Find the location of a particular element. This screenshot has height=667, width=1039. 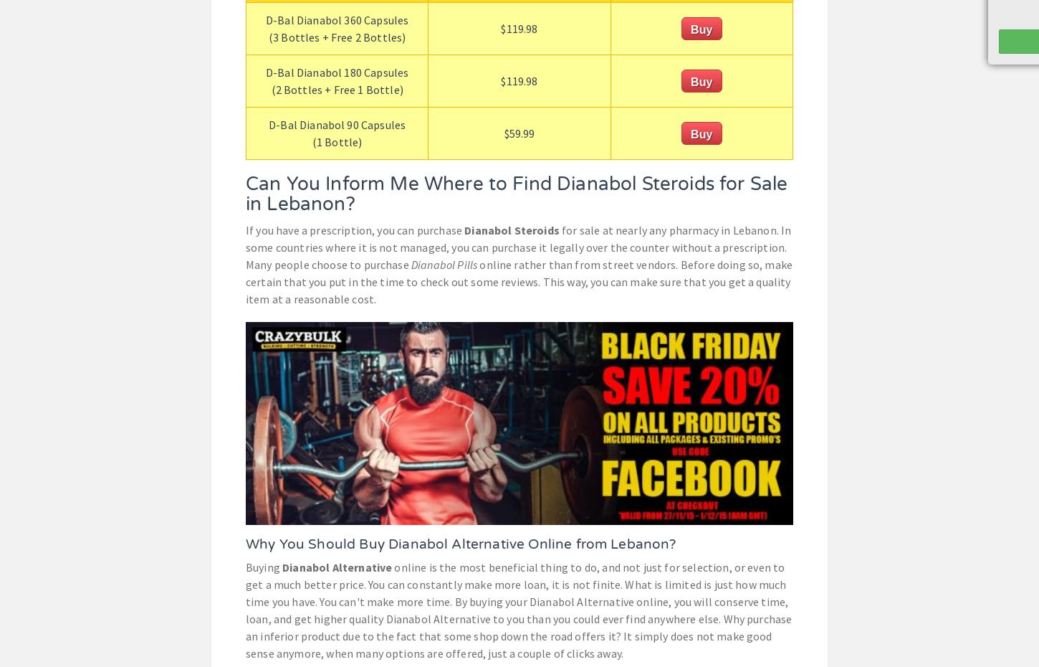

'online is the most beneficial thing to do, and not just for selection, or even to get a much better price. You can constantly make more loan, it is not finite. What is limited is just how much time you have. You can't make more time. By buying your Dianabol Alternative online, you will conserve time, loan, and get higher quality Dianabol Alternative to you than you could ever find anywhere else. Why purchase an inferior product due to the fact that some shop down the road offers it? It simply does not make good sense anymore, when many options are offered, just a couple of clicks away.' is located at coordinates (517, 610).